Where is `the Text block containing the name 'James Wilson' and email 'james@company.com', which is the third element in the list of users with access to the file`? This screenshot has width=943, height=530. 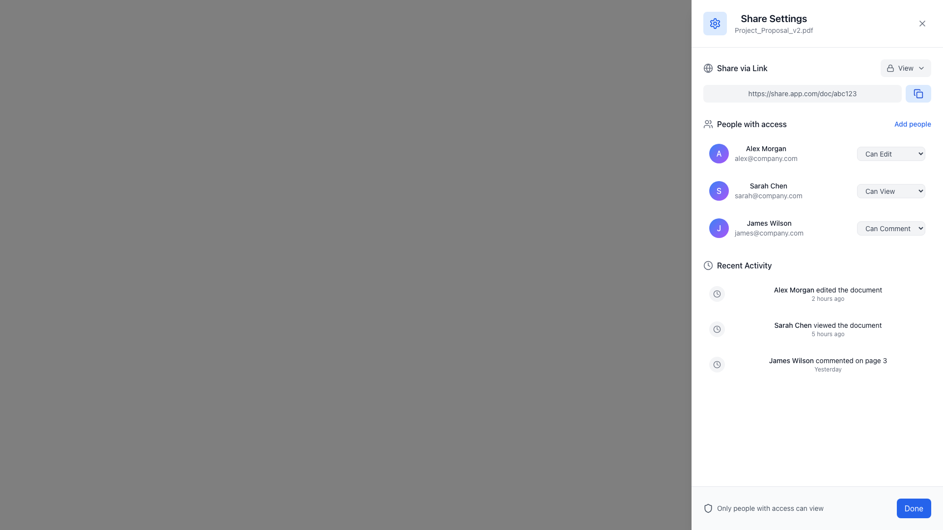
the Text block containing the name 'James Wilson' and email 'james@company.com', which is the third element in the list of users with access to the file is located at coordinates (769, 228).